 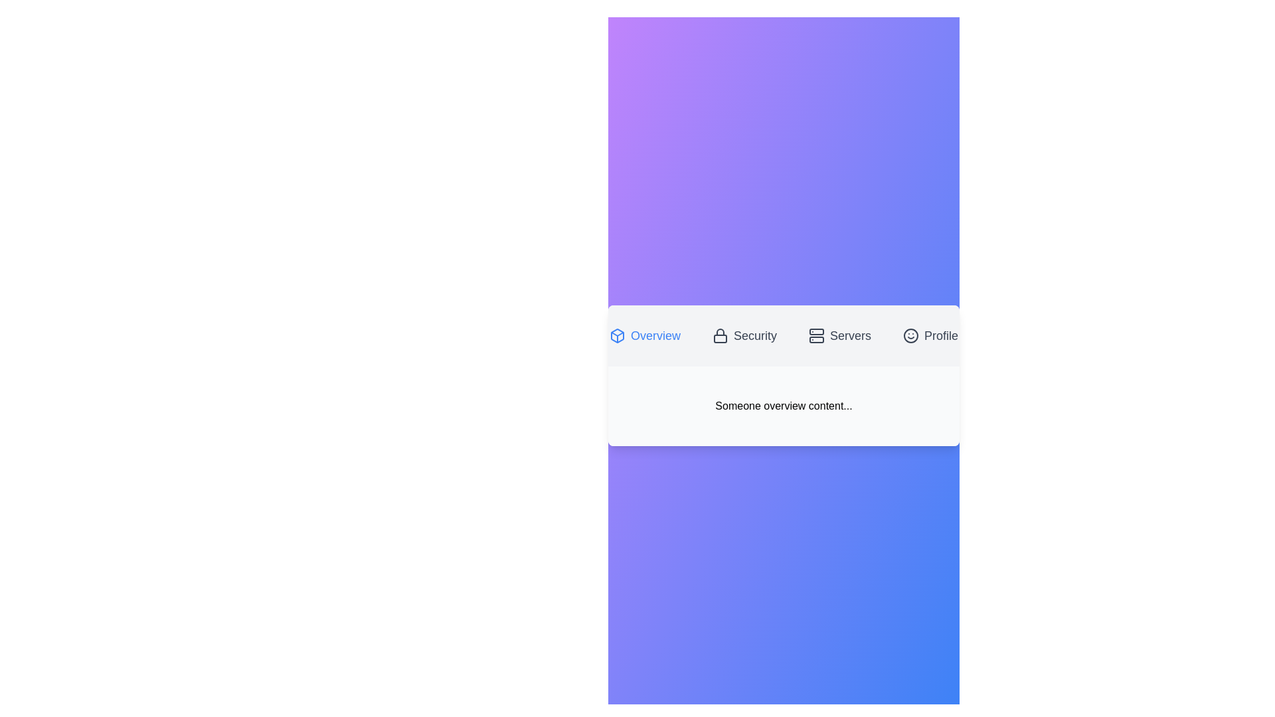 I want to click on the decorative icon in the 'Profile' menu section, located towards the far-right end, adjacent to the text label 'Profile', so click(x=910, y=335).